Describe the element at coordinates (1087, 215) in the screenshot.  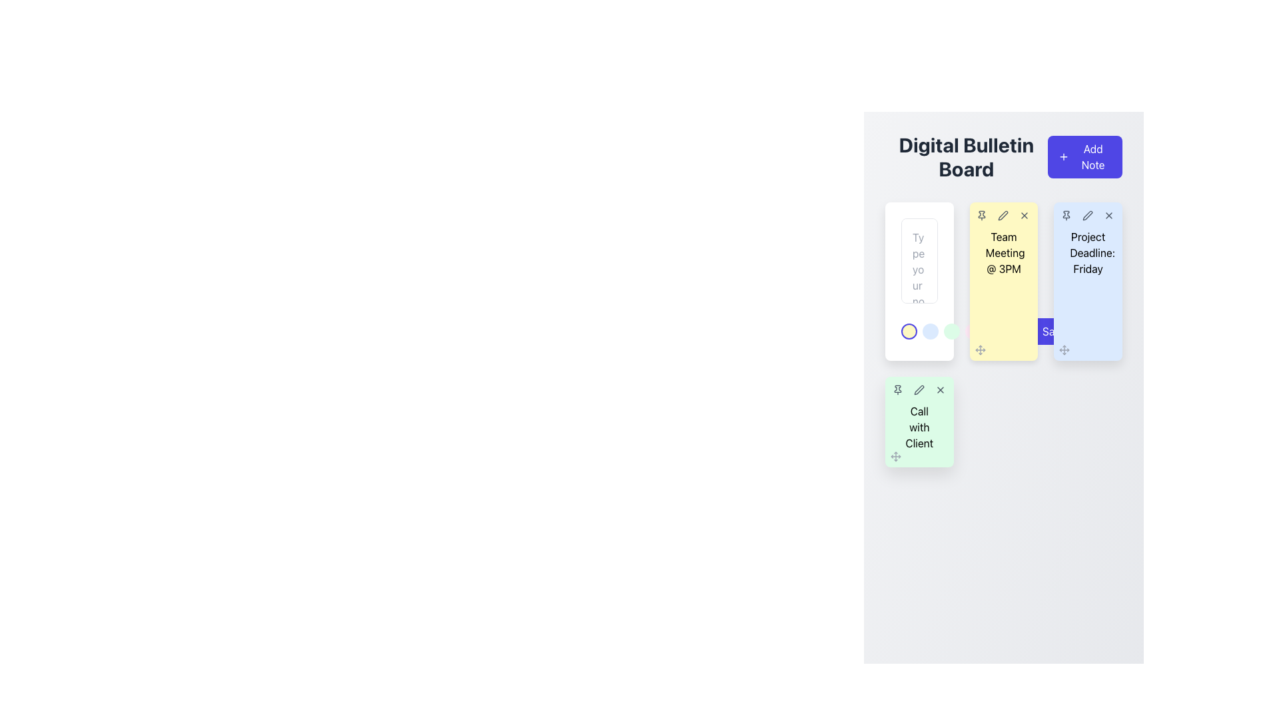
I see `the edit icon located in the top-right corner of the blue note card labeled 'Project Deadline: Friday' to initiate an edit action` at that location.